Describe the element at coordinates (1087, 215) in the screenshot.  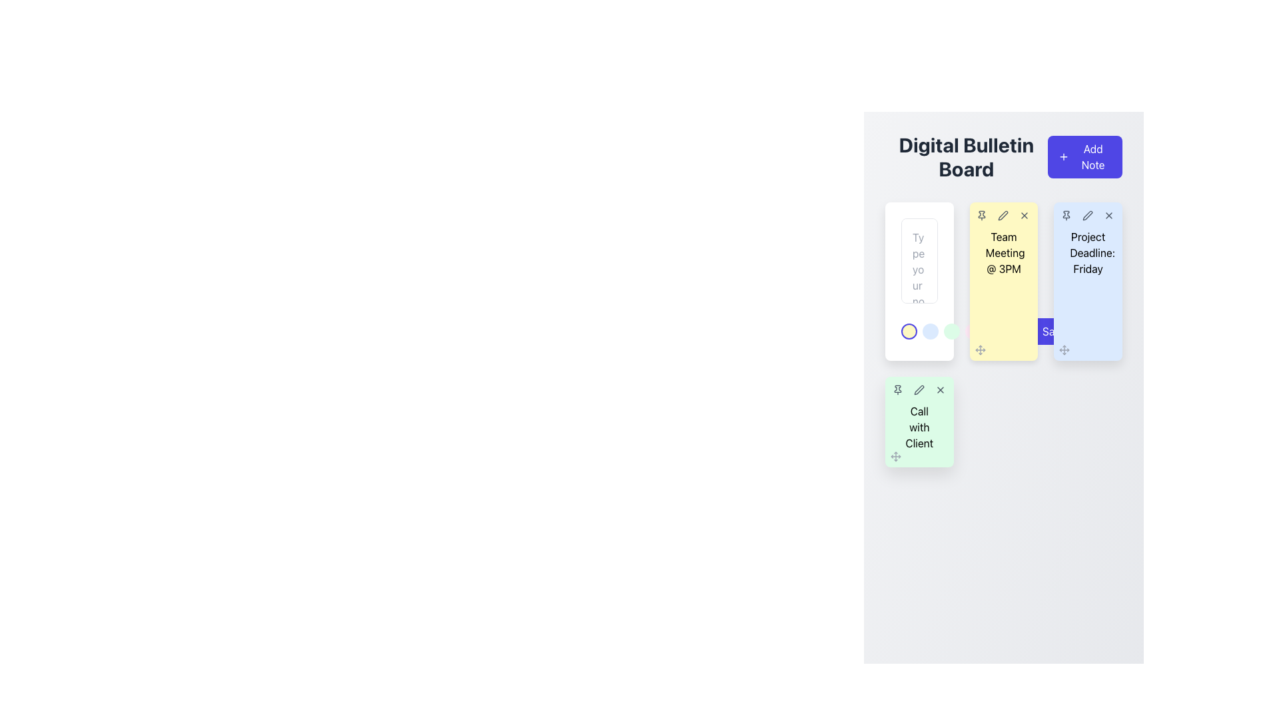
I see `the edit icon located in the top-right corner of the blue note card labeled 'Project Deadline: Friday' to initiate an edit action` at that location.